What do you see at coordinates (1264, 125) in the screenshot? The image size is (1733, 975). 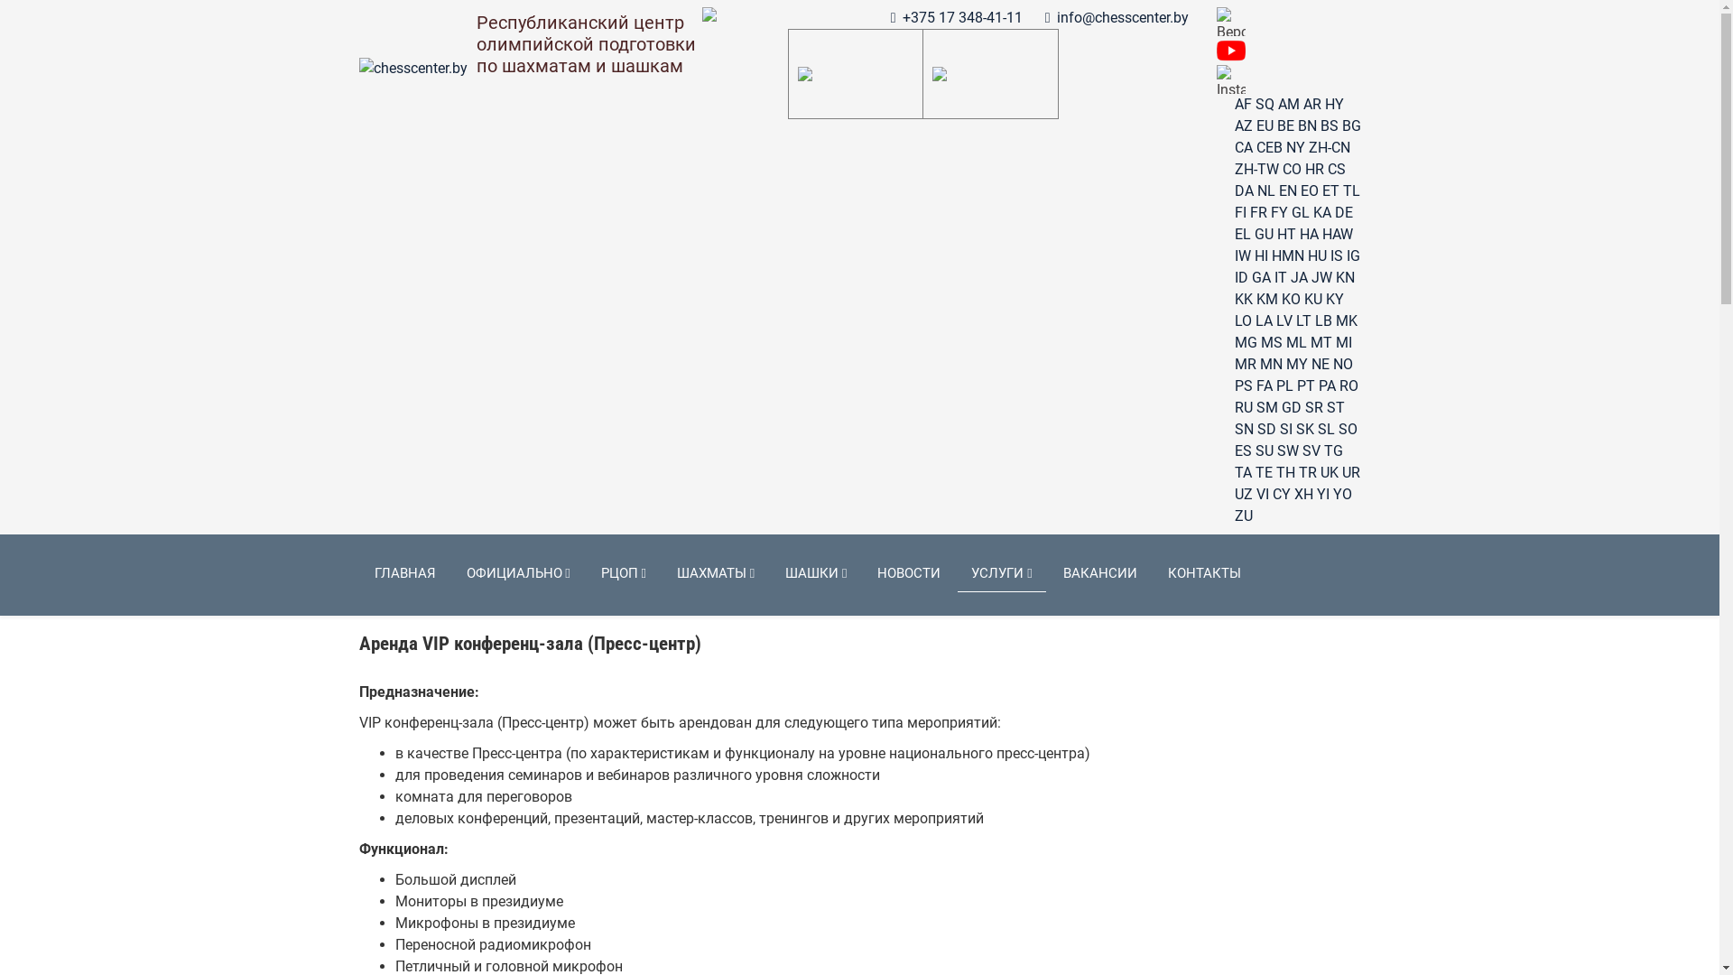 I see `'EU'` at bounding box center [1264, 125].